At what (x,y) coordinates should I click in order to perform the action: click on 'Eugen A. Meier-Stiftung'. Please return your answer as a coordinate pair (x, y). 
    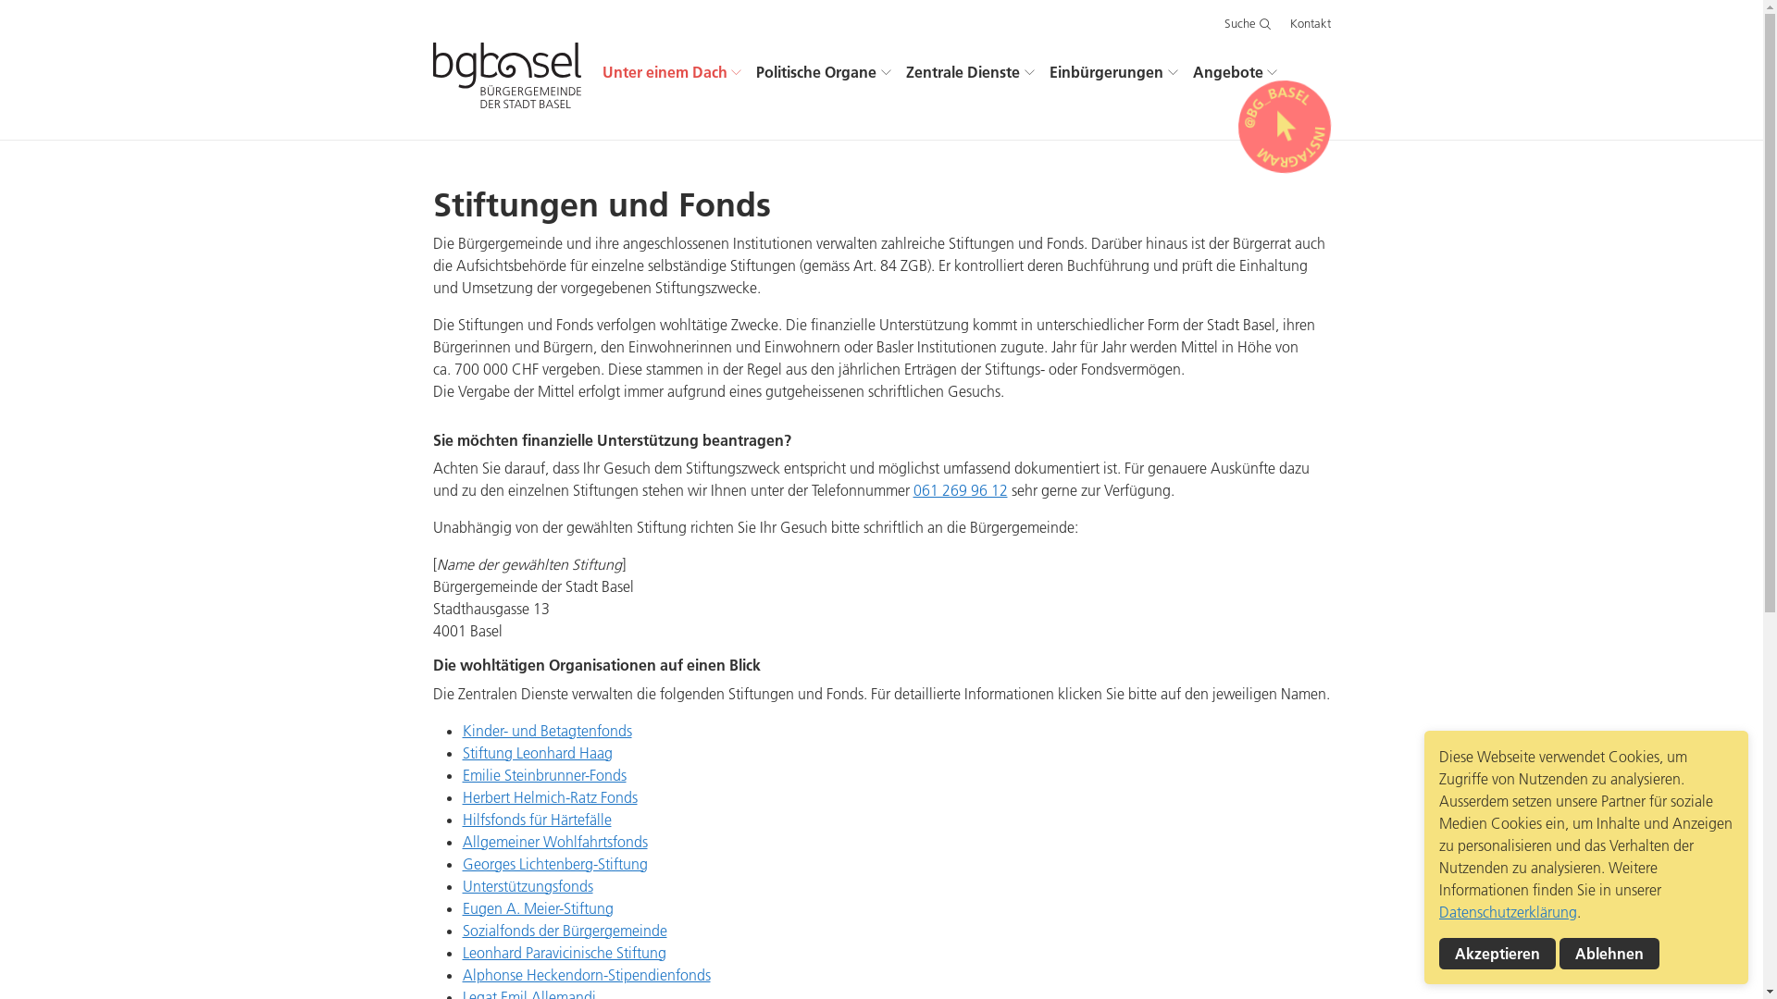
    Looking at the image, I should click on (537, 907).